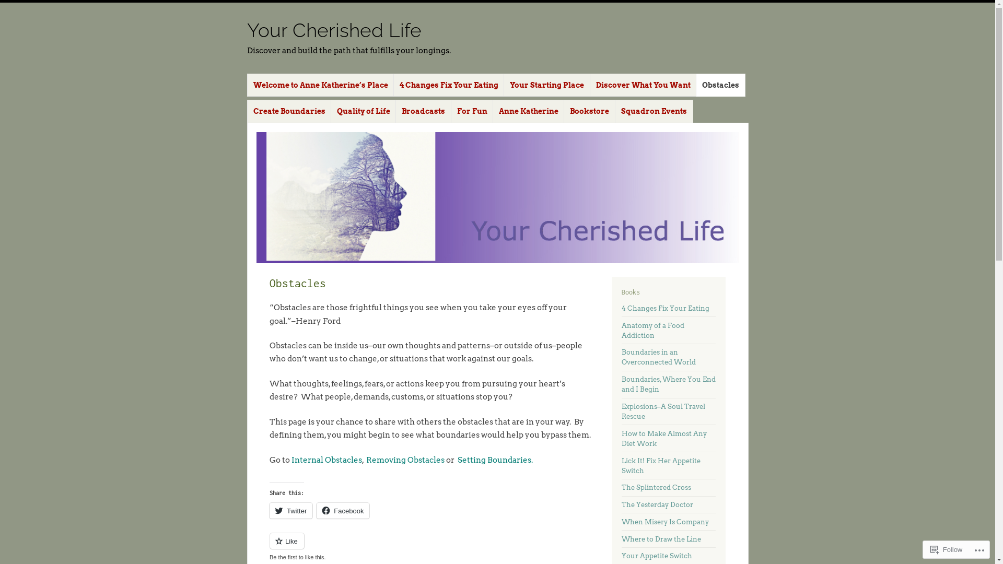 This screenshot has height=564, width=1003. Describe the element at coordinates (529, 111) in the screenshot. I see `'Anne Katherine'` at that location.